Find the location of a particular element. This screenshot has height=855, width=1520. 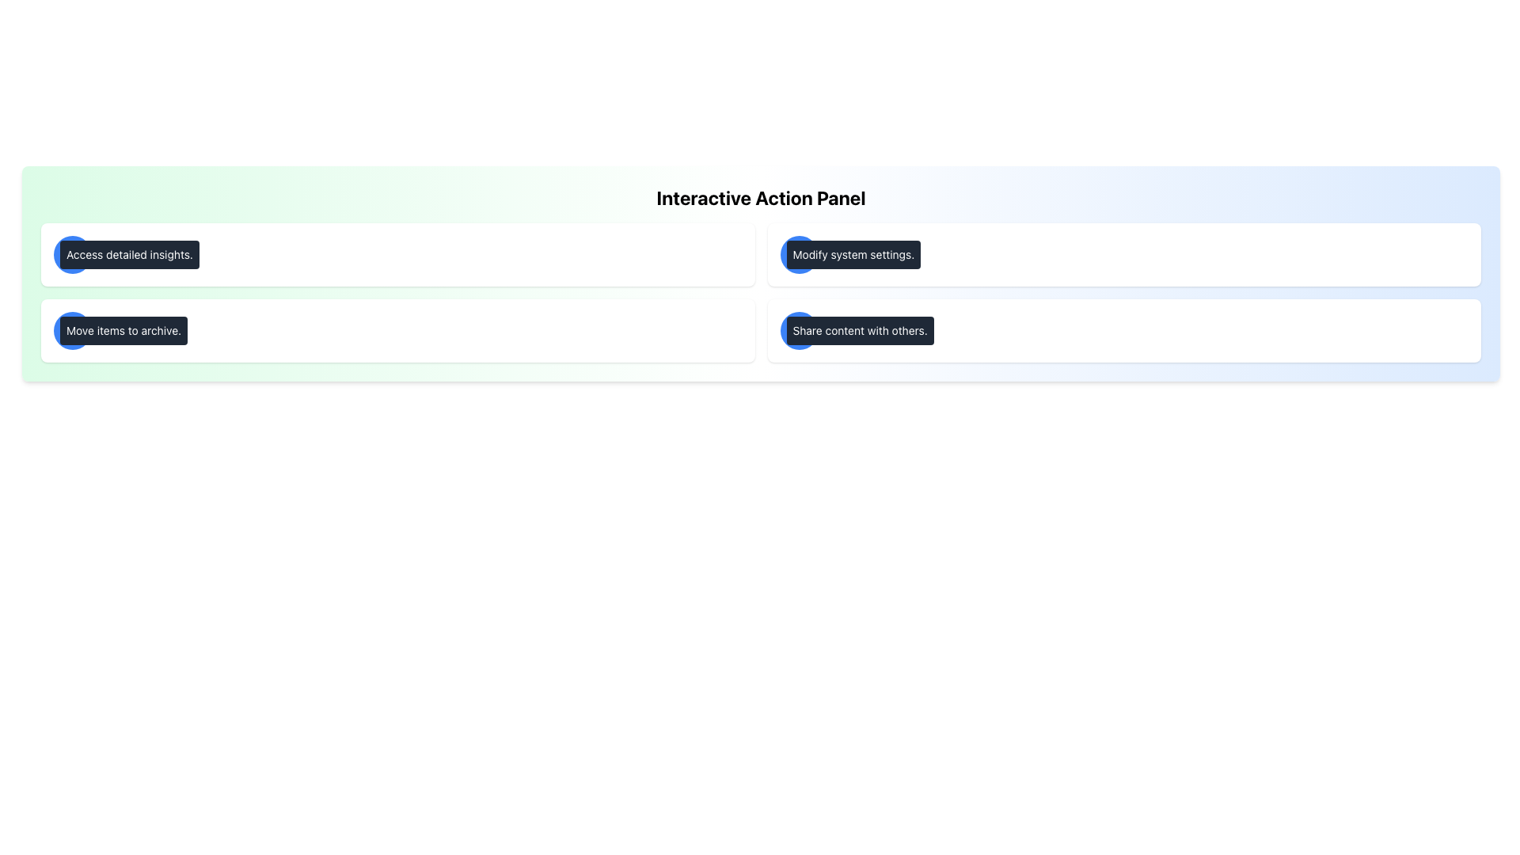

the text label in the upper left section of the card that displays 'Access detailed insights.' This label provides context for the associated information is located at coordinates (142, 253).